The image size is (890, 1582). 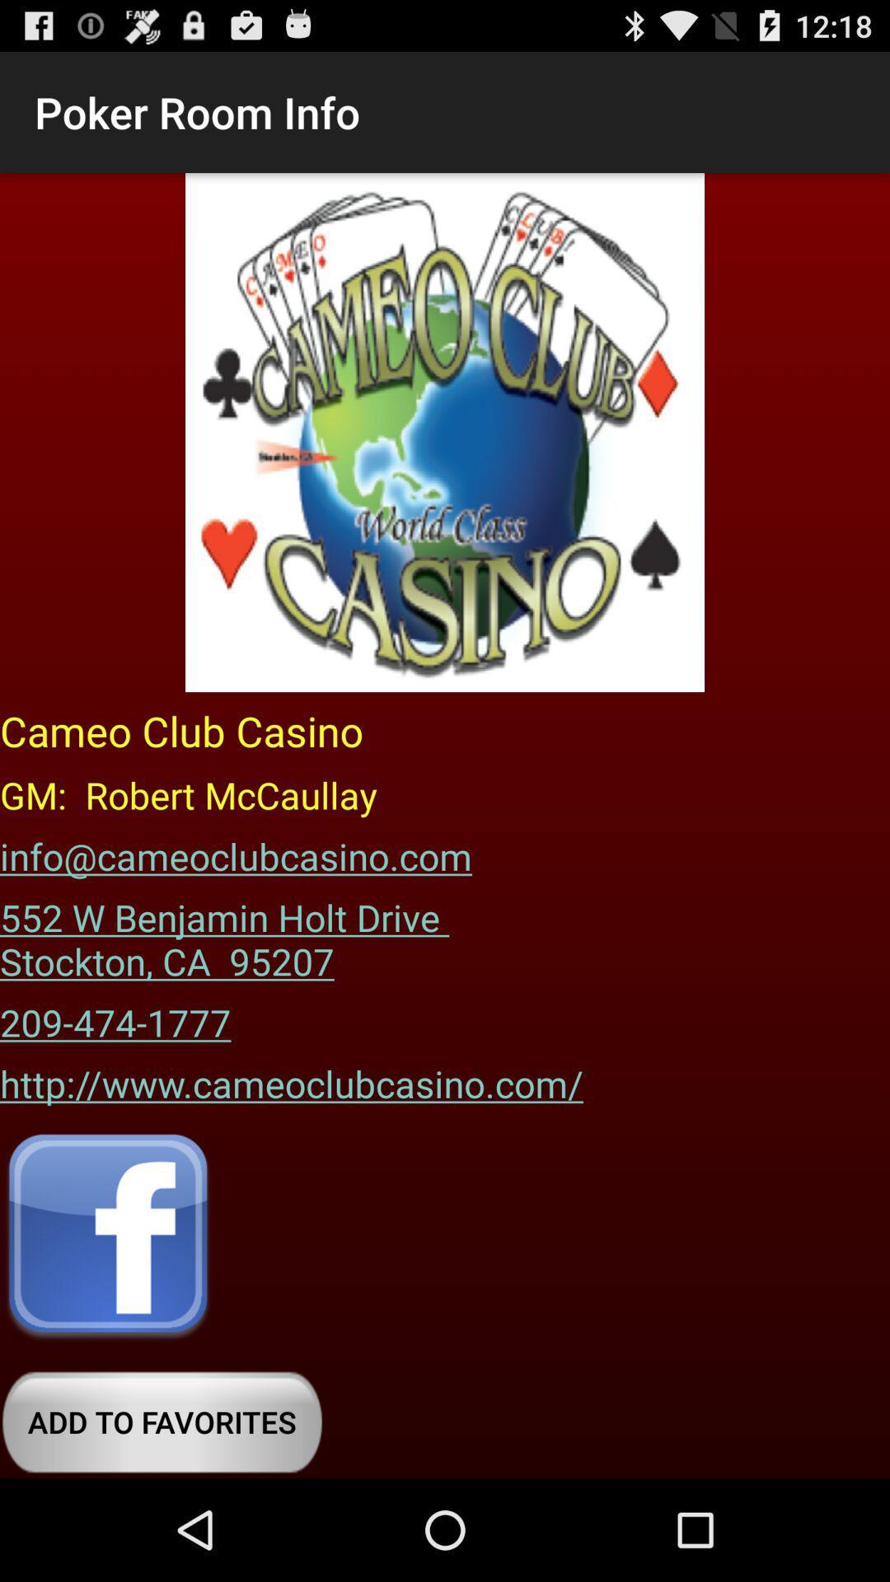 I want to click on the item below the info@cameoclubcasino.com icon, so click(x=230, y=934).